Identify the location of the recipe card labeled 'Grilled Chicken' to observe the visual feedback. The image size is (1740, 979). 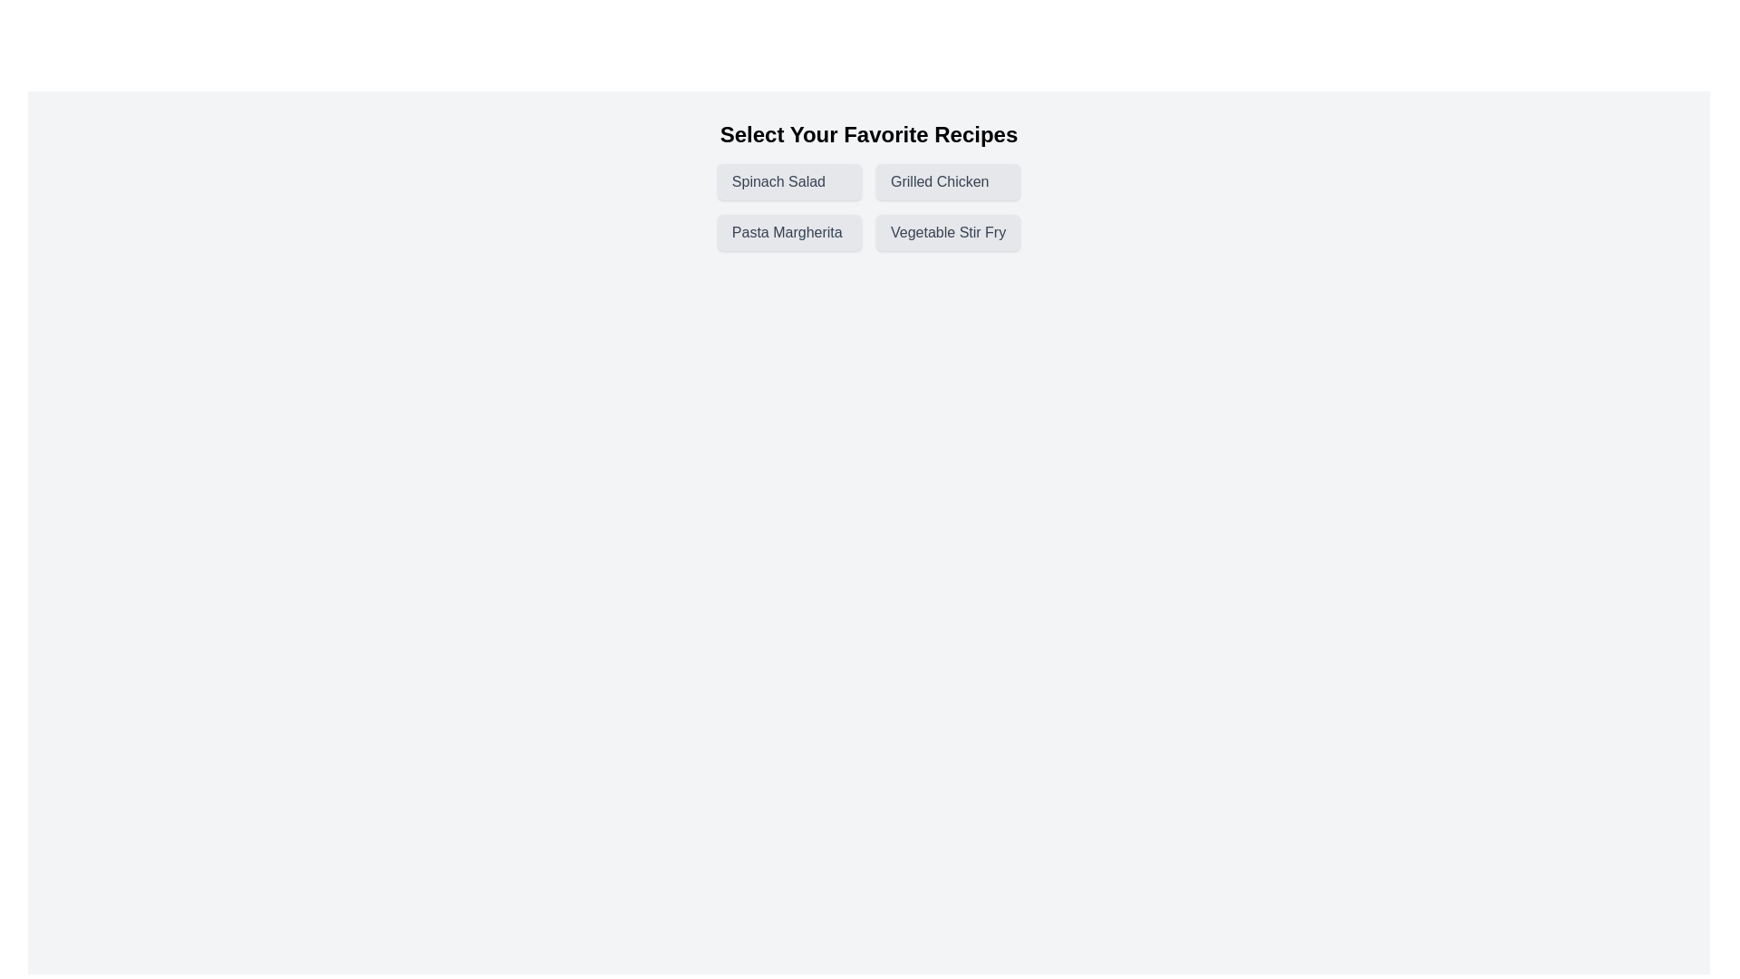
(947, 181).